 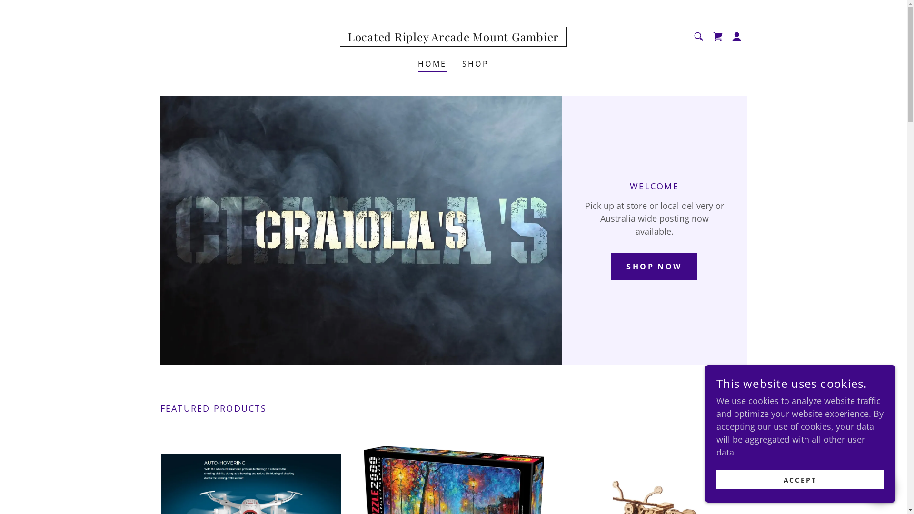 What do you see at coordinates (453, 38) in the screenshot?
I see `'Located Ripley Arcade Mount Gambier'` at bounding box center [453, 38].